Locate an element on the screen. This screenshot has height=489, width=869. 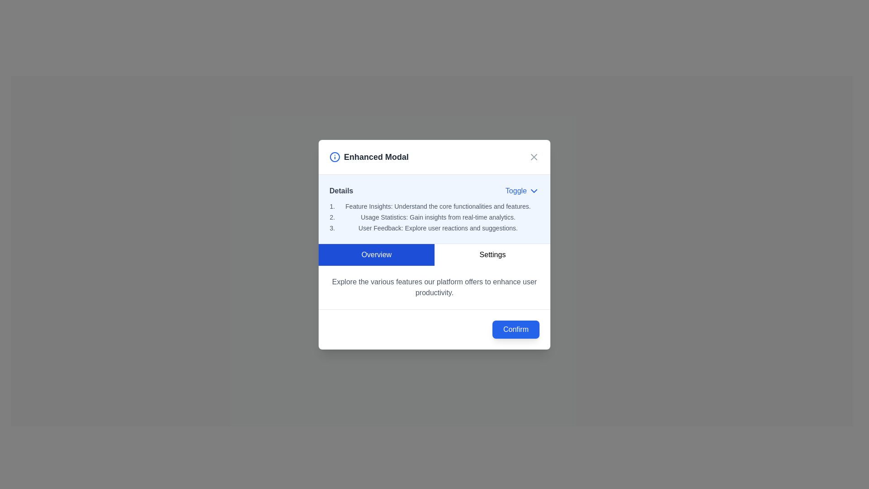
the interactive dropdown toggle hyperlink located at the top-right corner of the 'Details' section within the modal box is located at coordinates (522, 190).